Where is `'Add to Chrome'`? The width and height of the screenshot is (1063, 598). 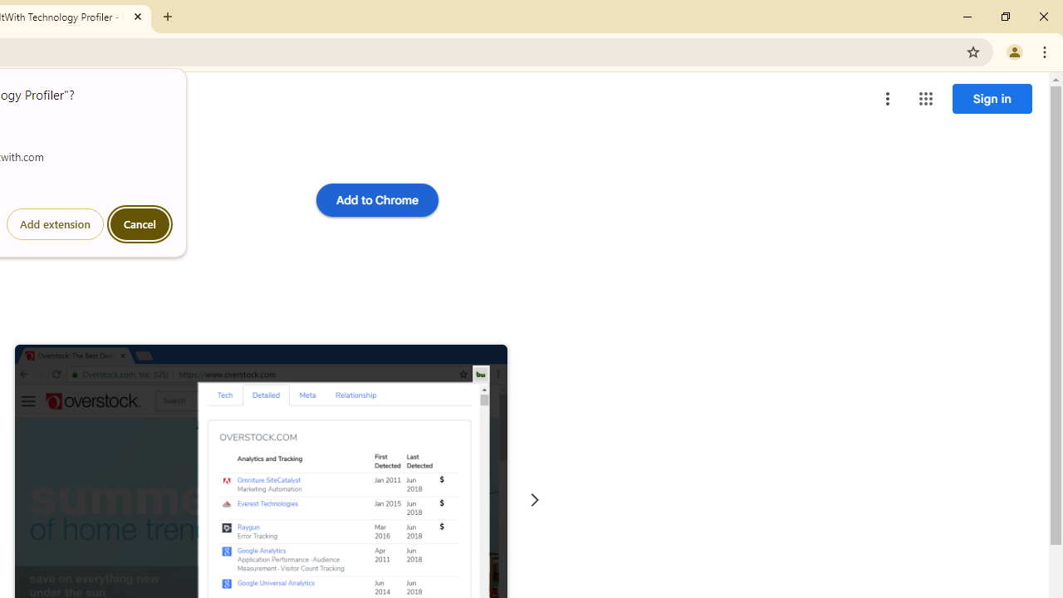
'Add to Chrome' is located at coordinates (375, 199).